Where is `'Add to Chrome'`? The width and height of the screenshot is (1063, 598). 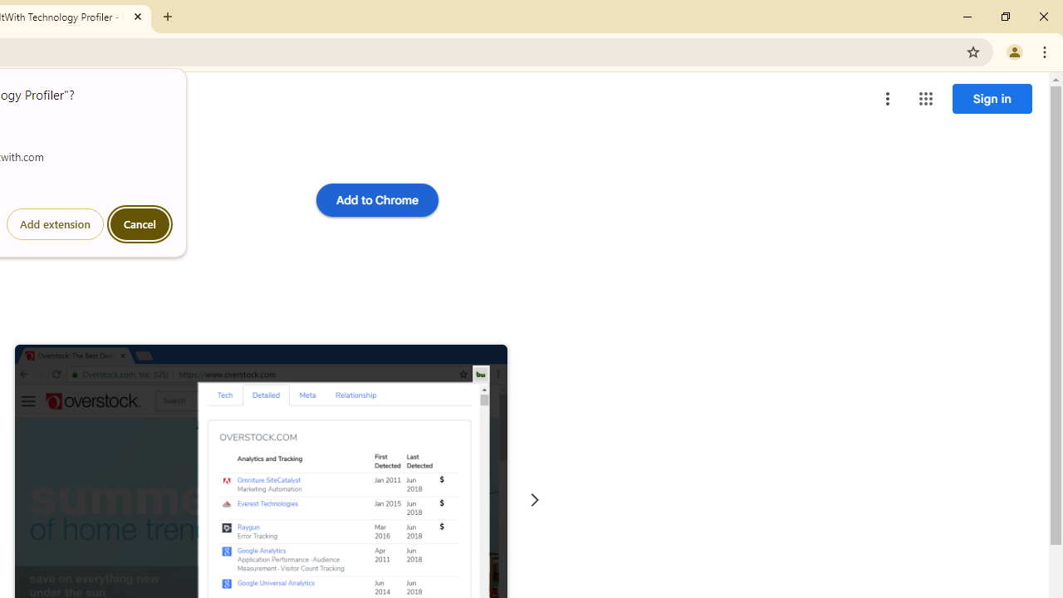
'Add to Chrome' is located at coordinates (375, 199).